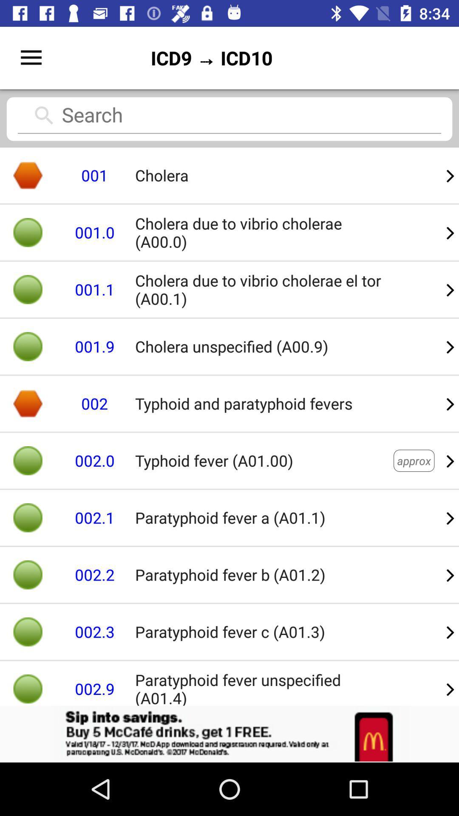 This screenshot has width=459, height=816. Describe the element at coordinates (229, 734) in the screenshot. I see `adsense button` at that location.